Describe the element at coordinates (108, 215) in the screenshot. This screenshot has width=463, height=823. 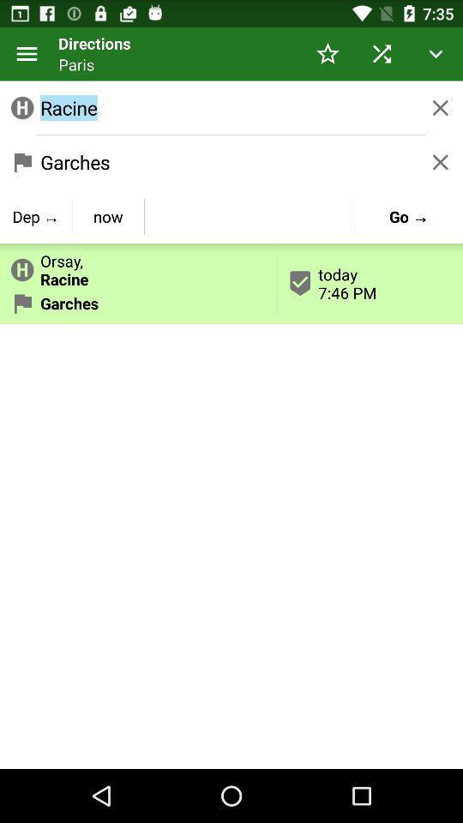
I see `icon above orsay,` at that location.